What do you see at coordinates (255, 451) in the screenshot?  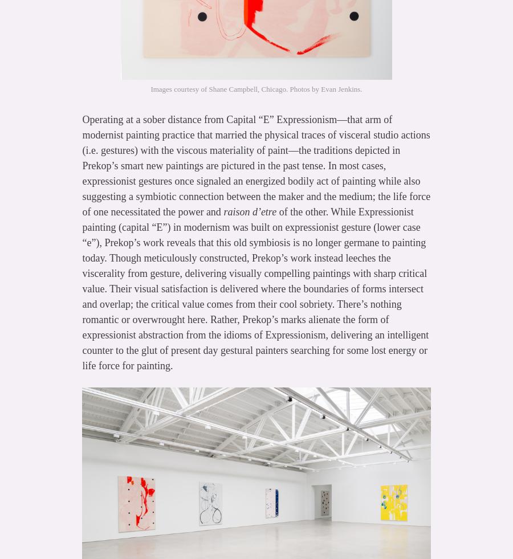 I see `', Howard Hurst’s “Who Has The Cure for Zombie Formalism,” at'` at bounding box center [255, 451].